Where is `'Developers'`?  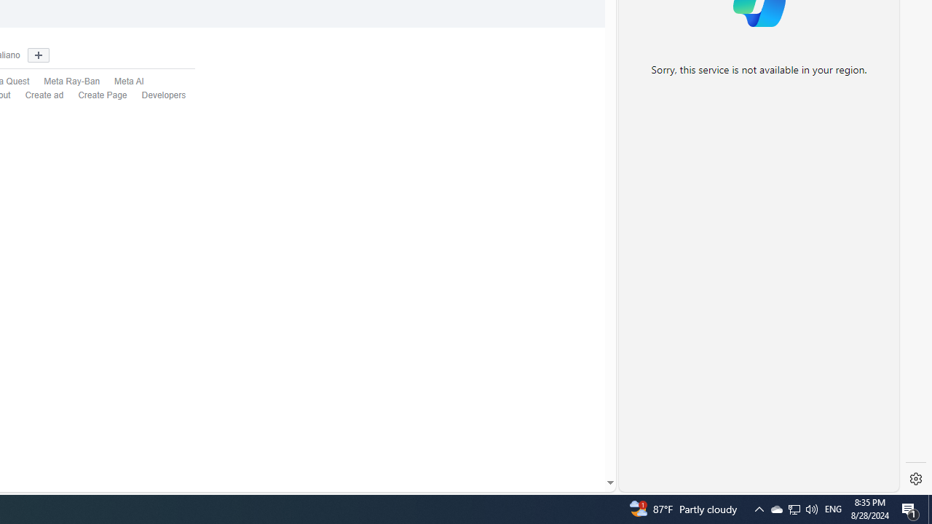 'Developers' is located at coordinates (164, 95).